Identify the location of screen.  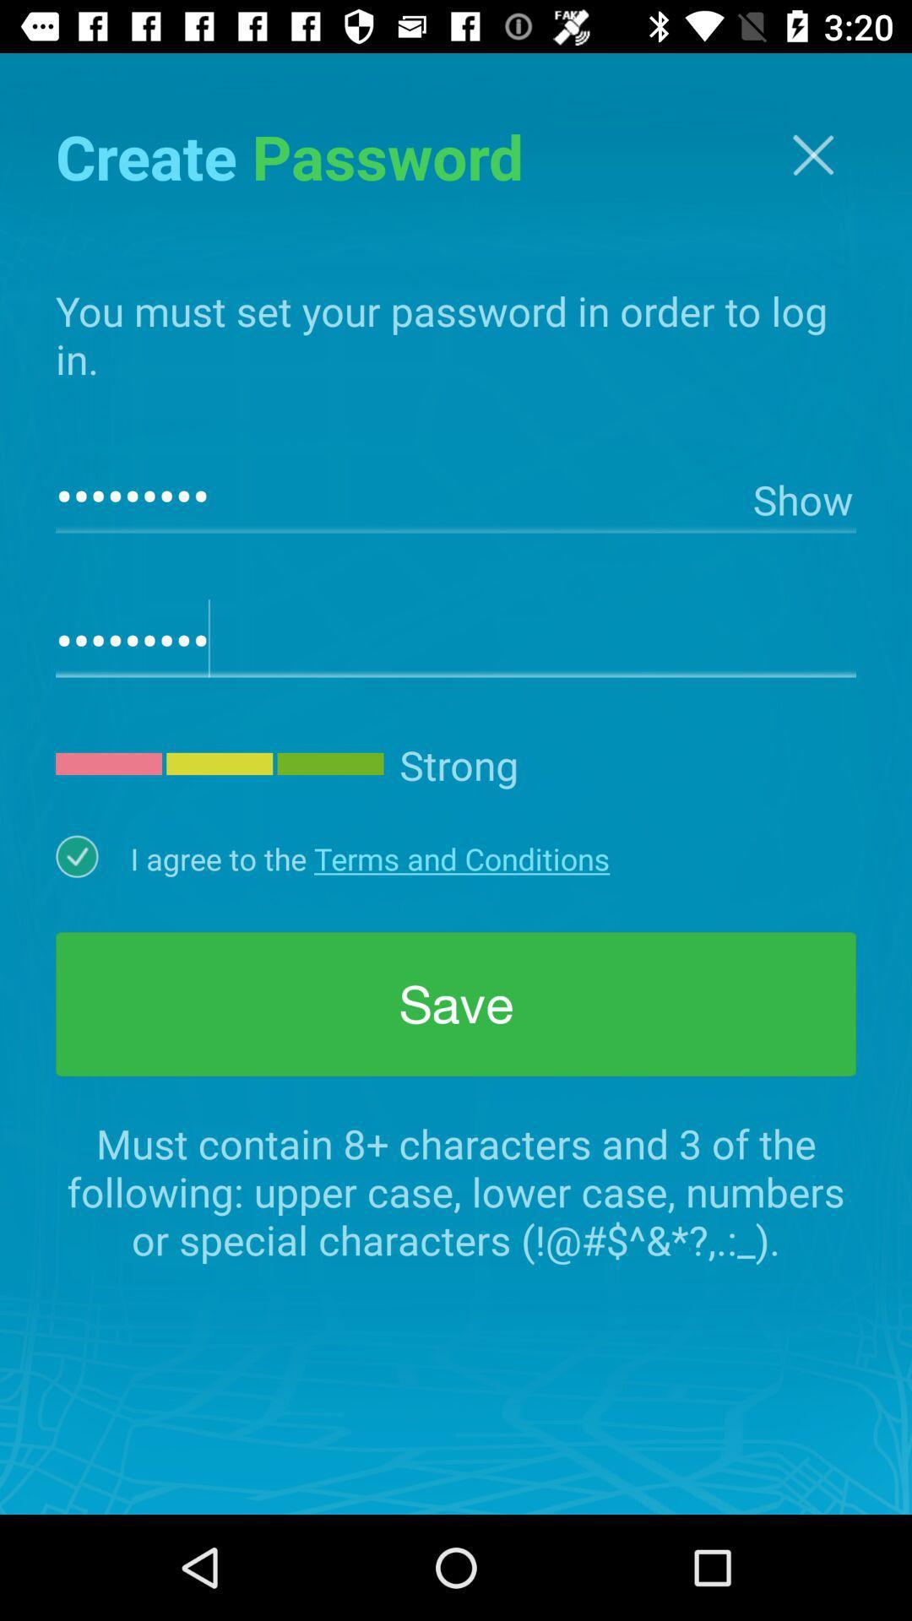
(812, 155).